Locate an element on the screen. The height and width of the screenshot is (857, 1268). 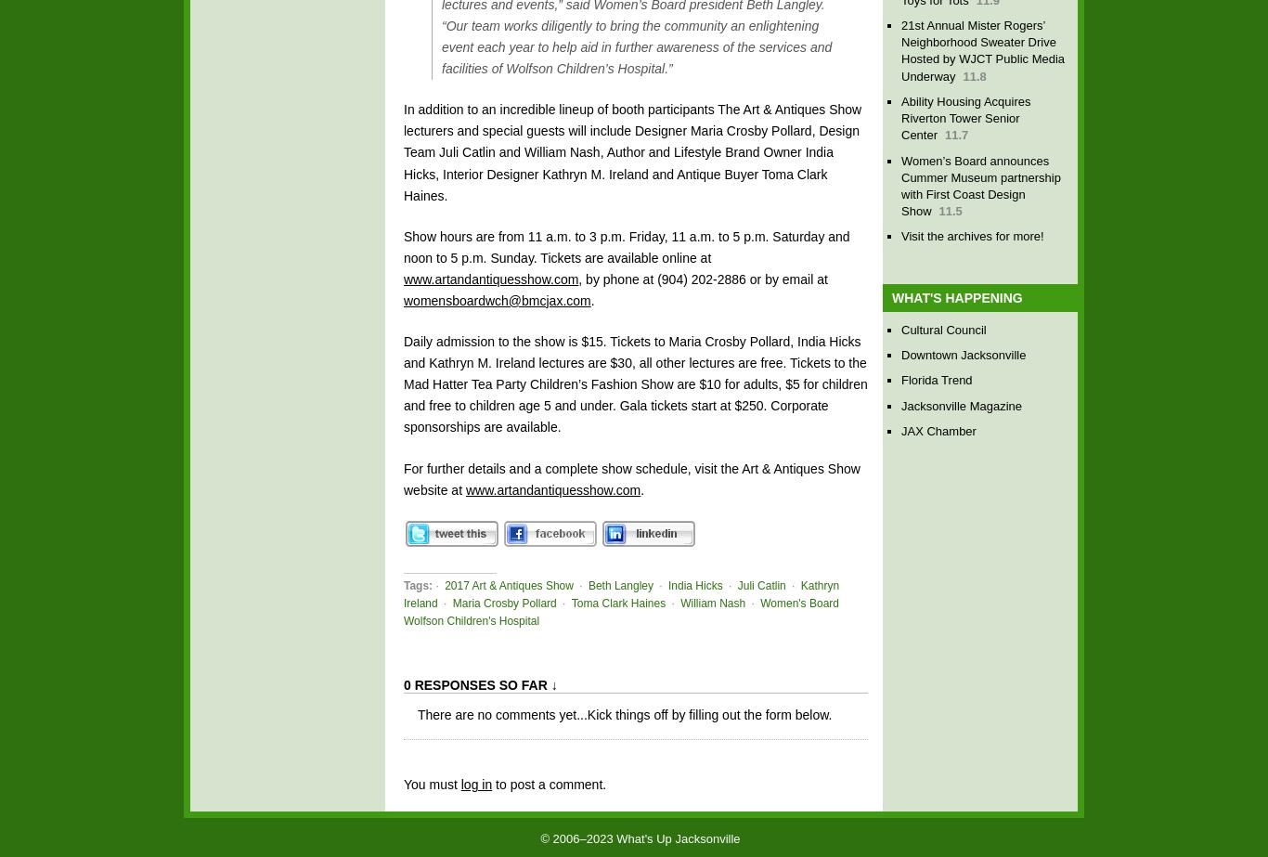
'India Hicks' is located at coordinates (694, 584).